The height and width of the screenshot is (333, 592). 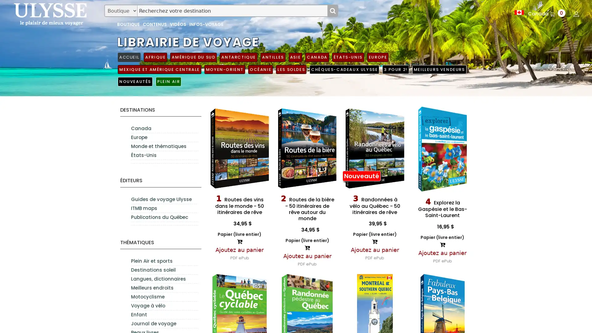 What do you see at coordinates (168, 81) in the screenshot?
I see `PLEIN AIR` at bounding box center [168, 81].